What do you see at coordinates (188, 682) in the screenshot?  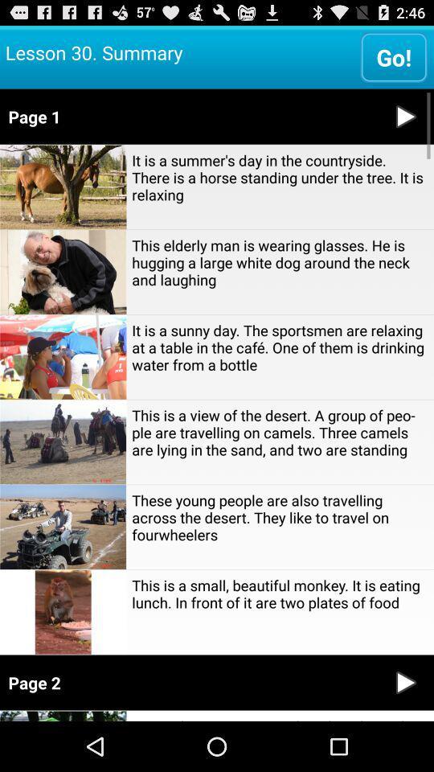 I see `the page 2 icon` at bounding box center [188, 682].